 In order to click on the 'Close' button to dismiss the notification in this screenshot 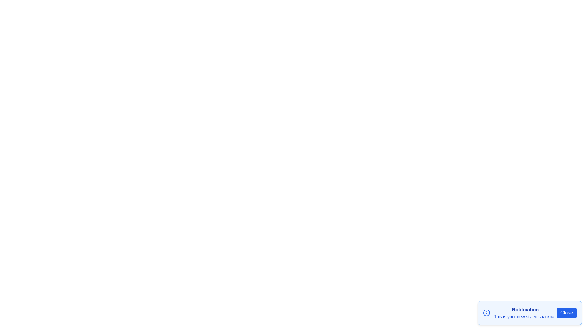, I will do `click(566, 313)`.